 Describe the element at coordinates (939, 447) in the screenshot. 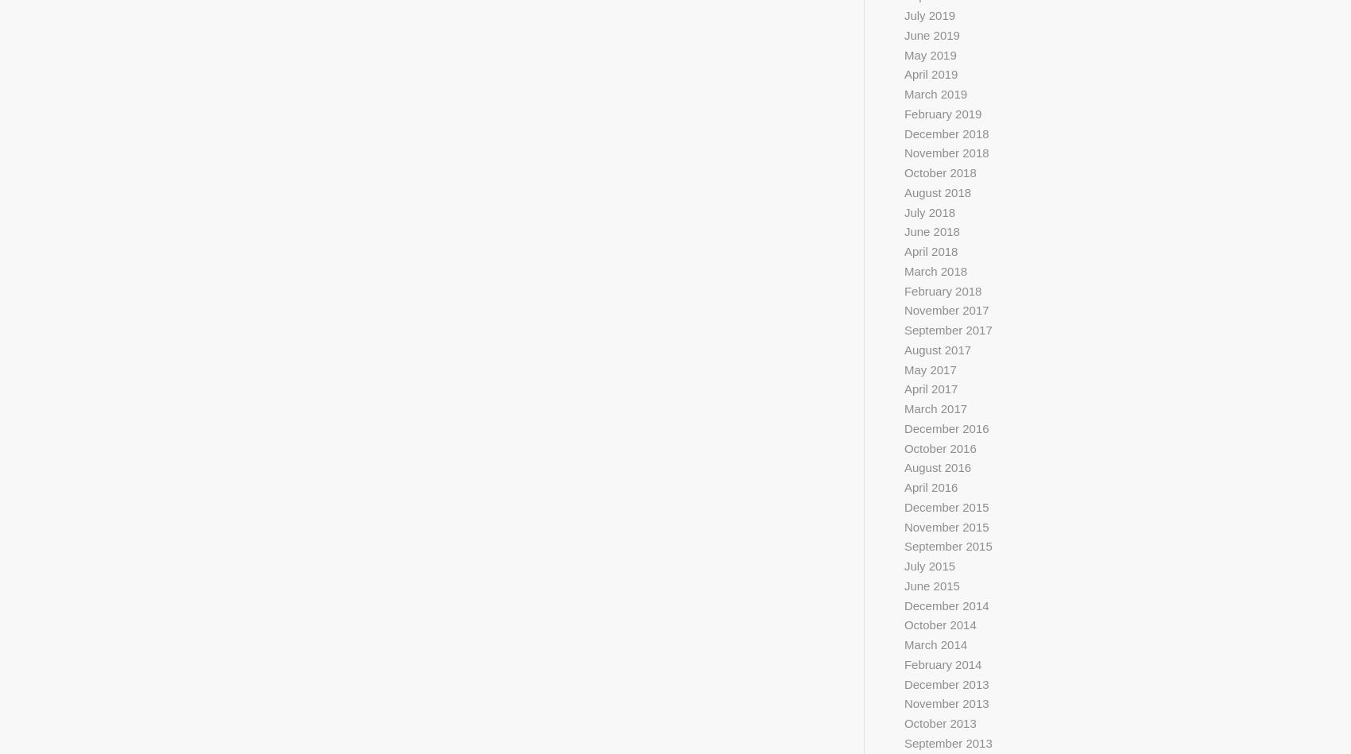

I see `'October 2016'` at that location.